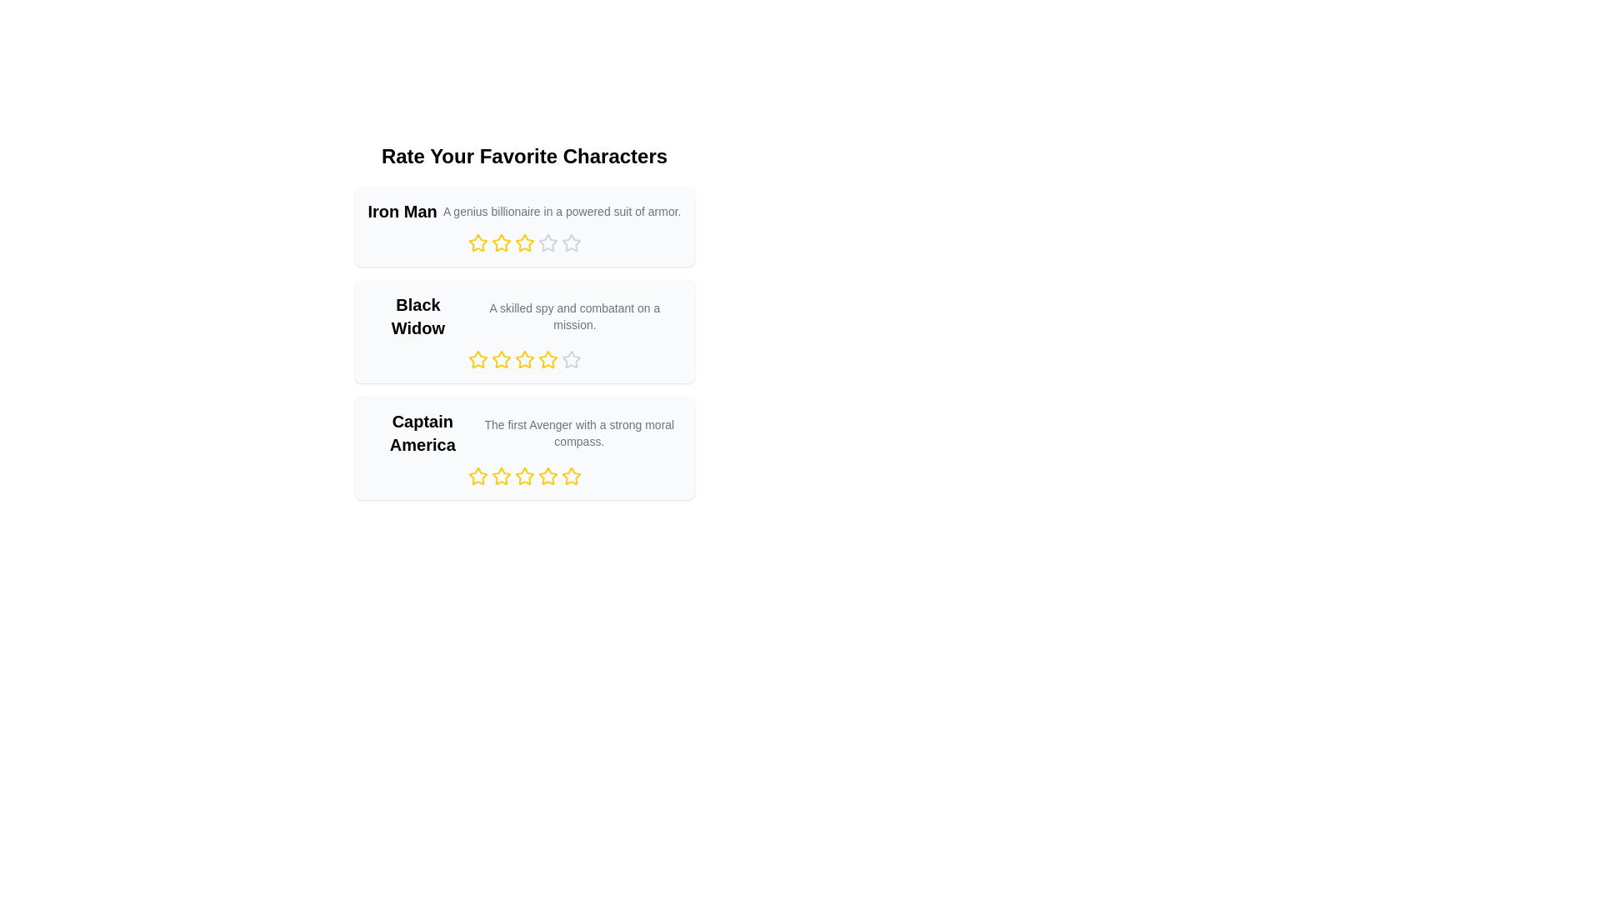  I want to click on the third star in the rating component under the 'Captain America' list item, so click(523, 476).